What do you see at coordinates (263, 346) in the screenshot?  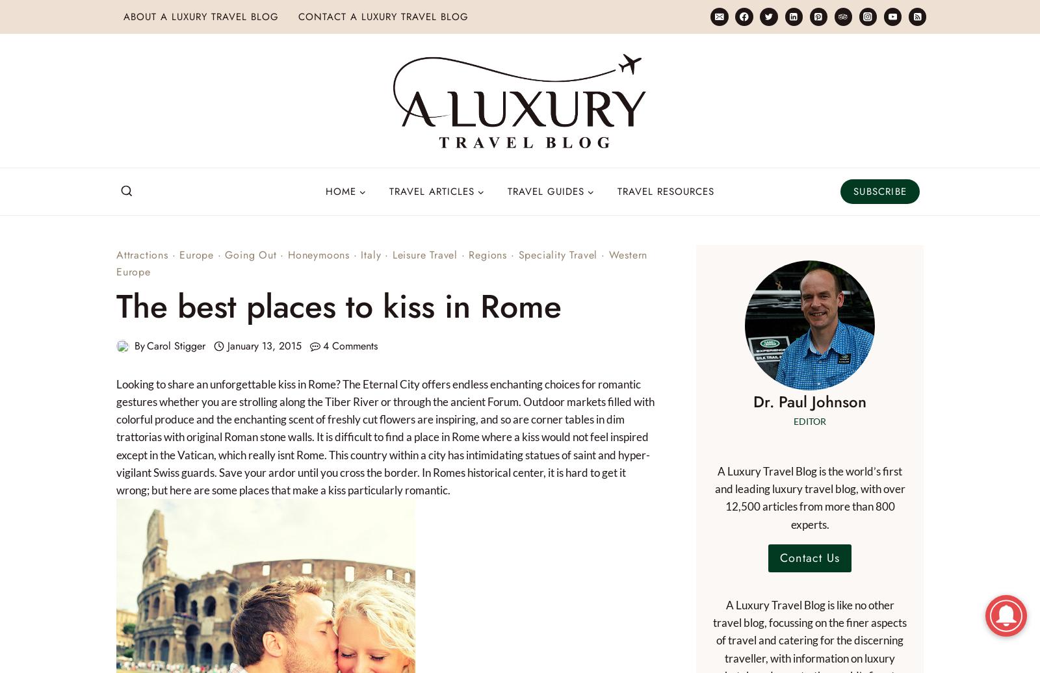 I see `'January 13, 2015'` at bounding box center [263, 346].